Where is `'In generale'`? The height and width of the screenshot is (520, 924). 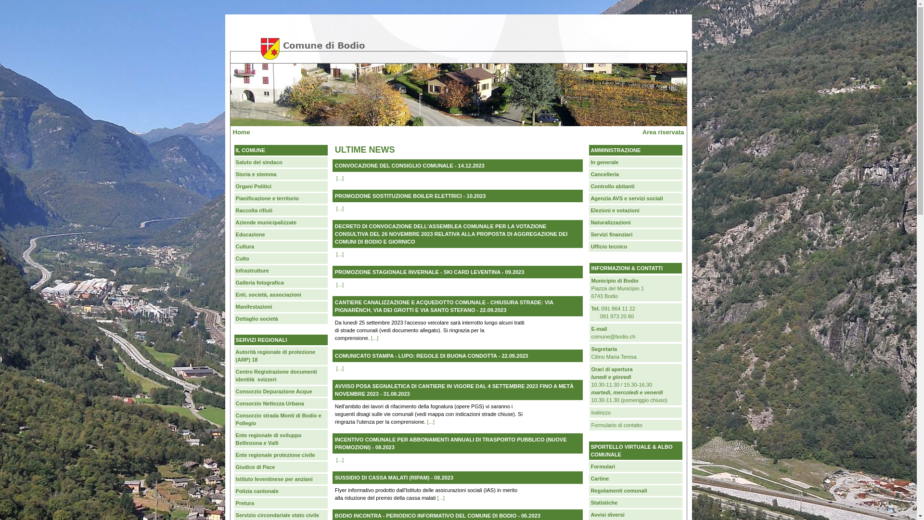
'In generale' is located at coordinates (635, 161).